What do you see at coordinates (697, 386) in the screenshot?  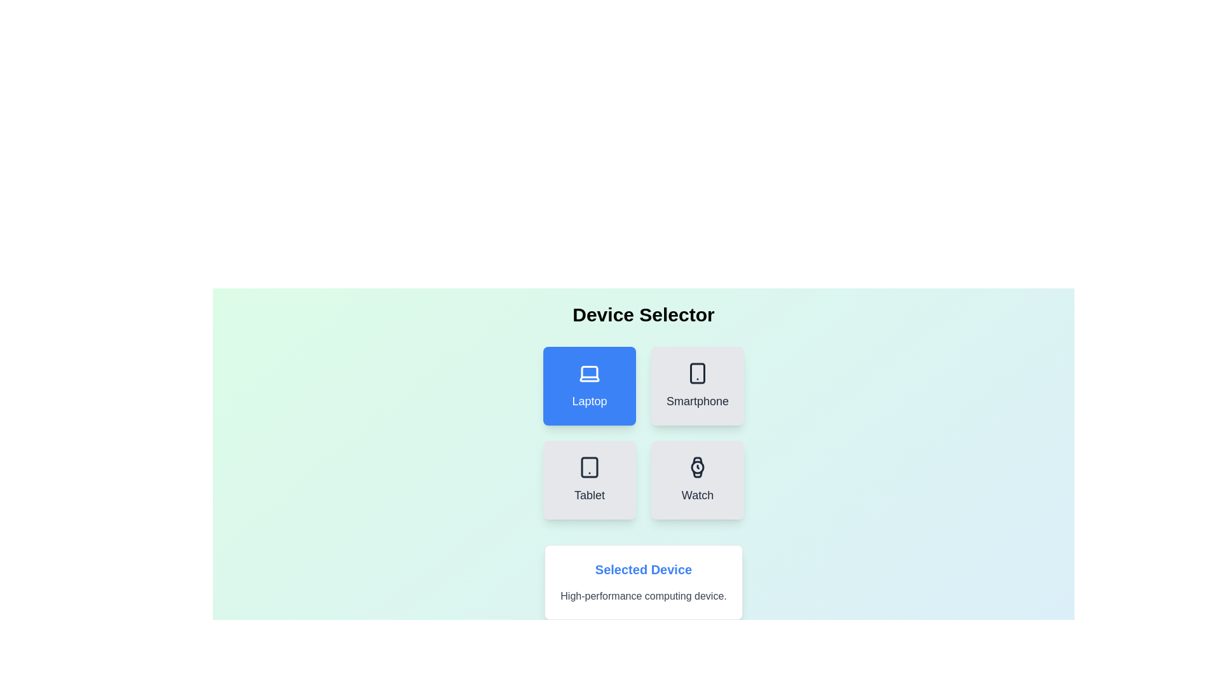 I see `the Smartphone button to select the corresponding device` at bounding box center [697, 386].